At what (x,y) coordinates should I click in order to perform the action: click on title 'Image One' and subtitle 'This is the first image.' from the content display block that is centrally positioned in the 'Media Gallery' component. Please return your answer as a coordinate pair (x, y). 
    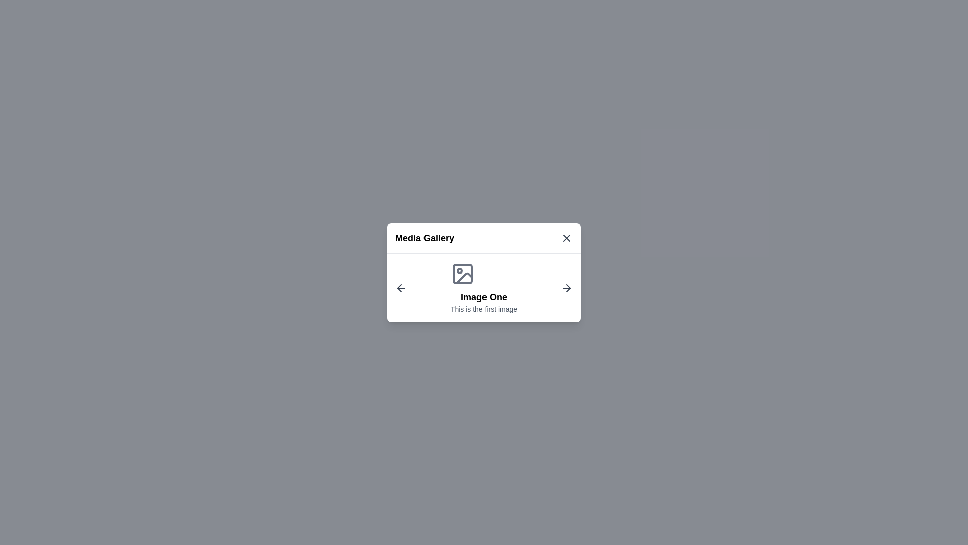
    Looking at the image, I should click on (484, 288).